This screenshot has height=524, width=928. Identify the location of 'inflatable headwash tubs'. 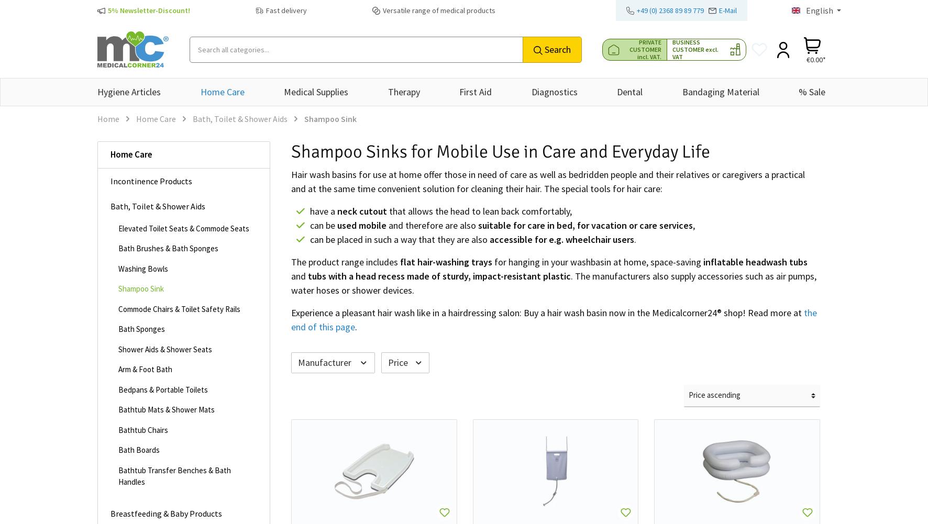
(755, 262).